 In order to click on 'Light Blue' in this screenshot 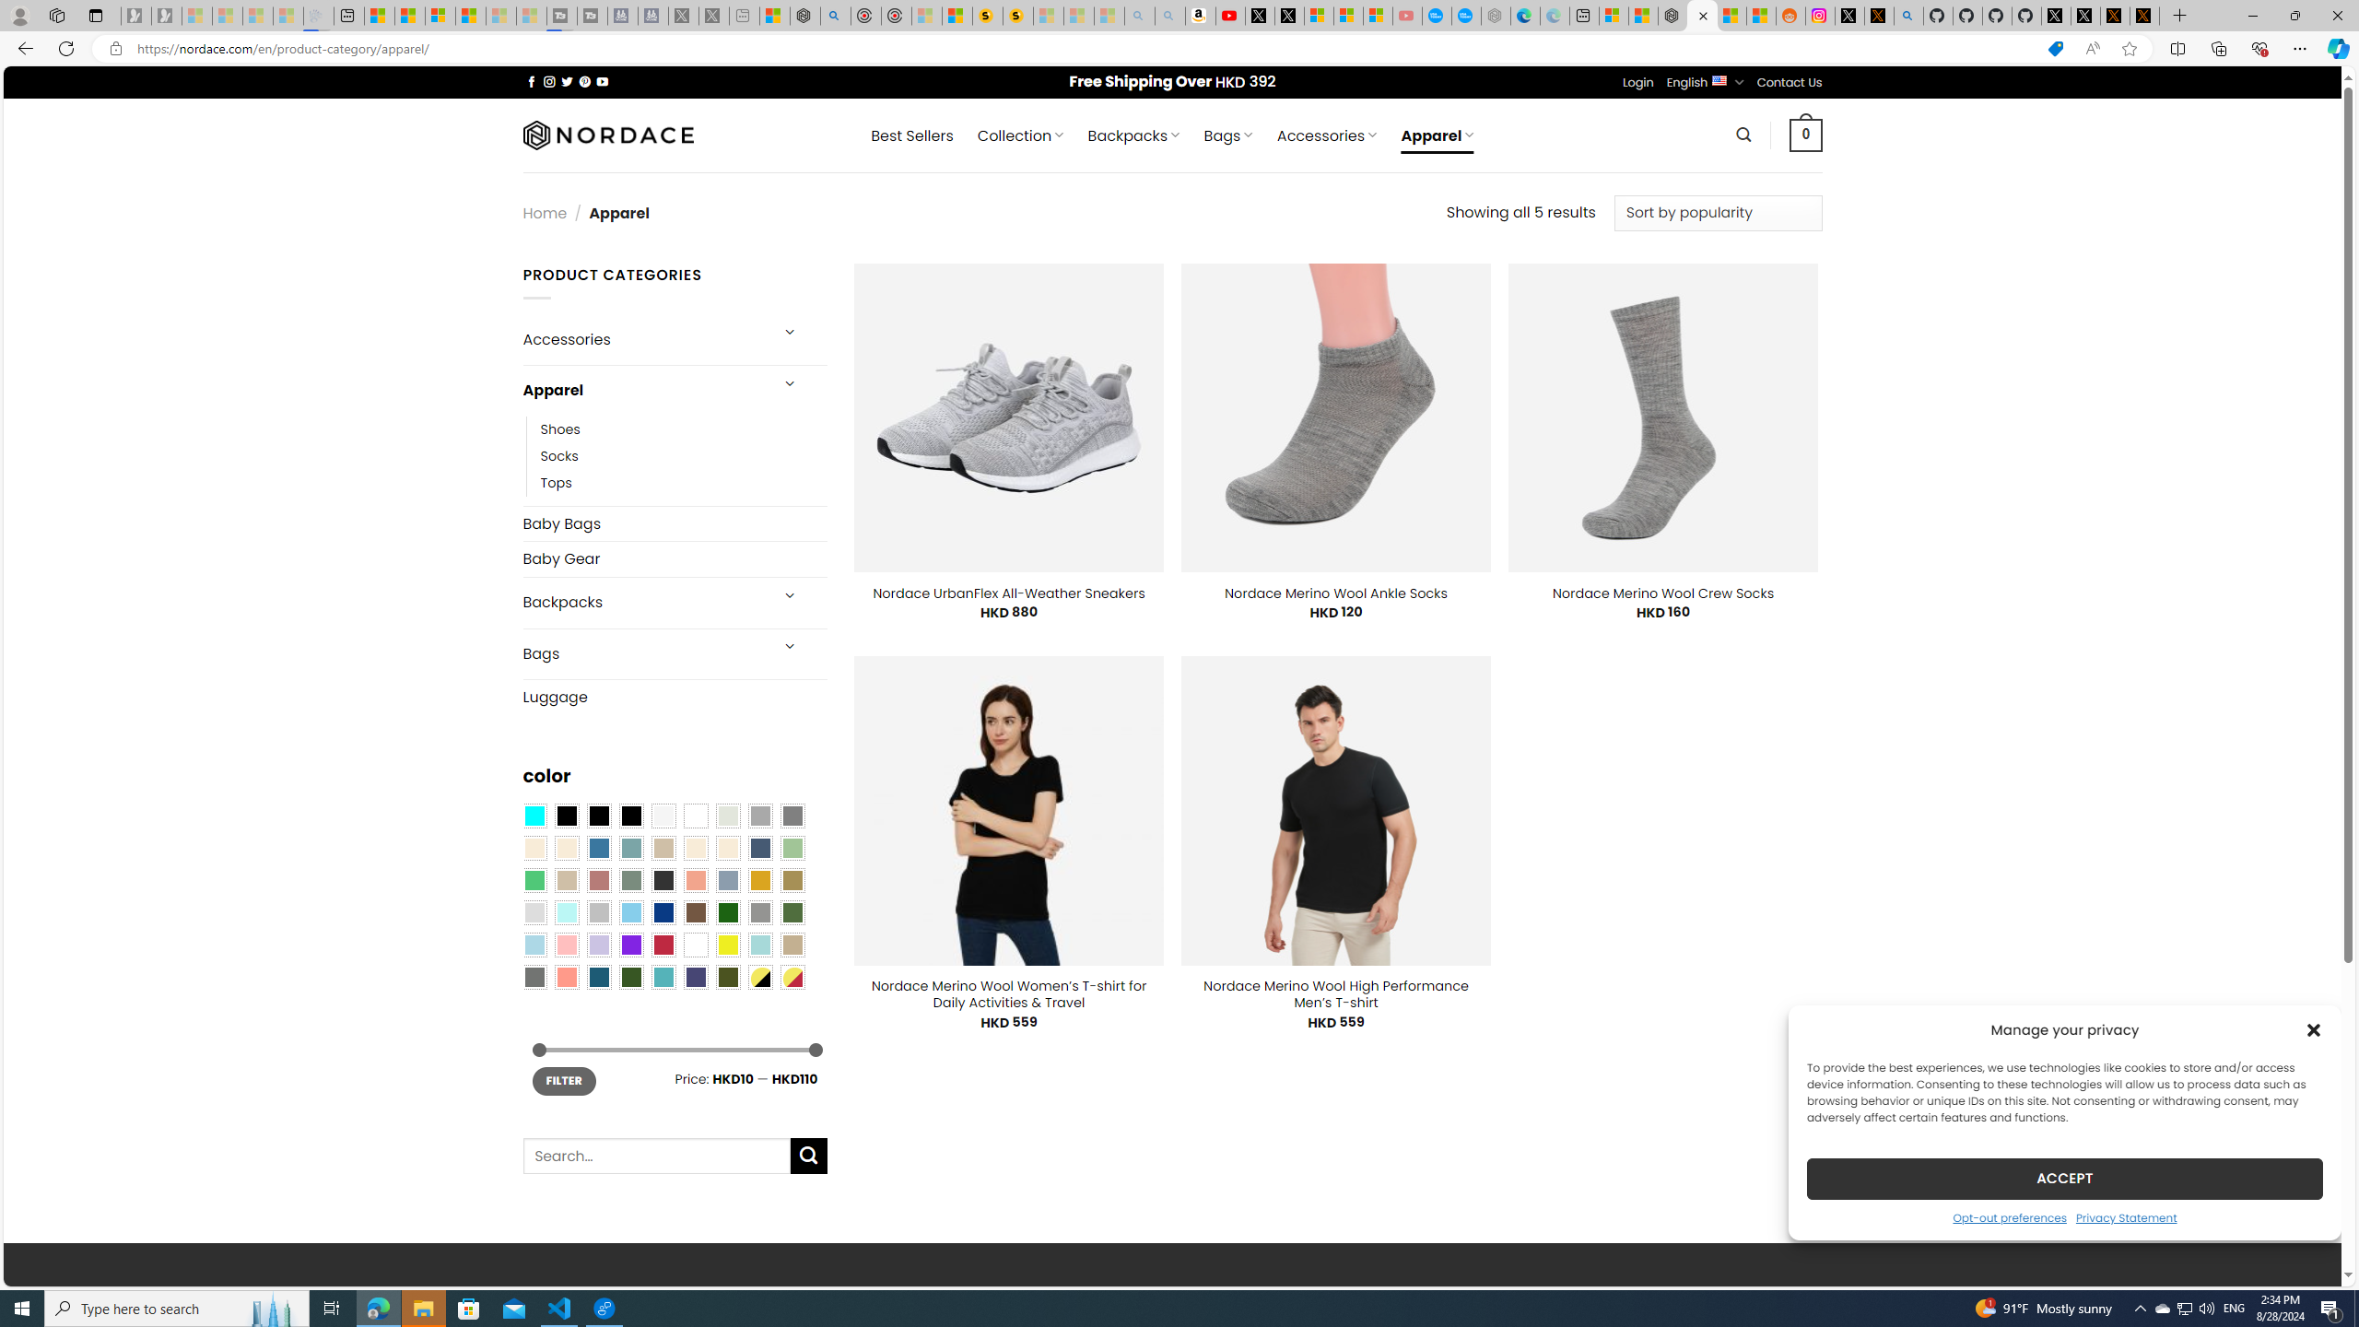, I will do `click(533, 945)`.